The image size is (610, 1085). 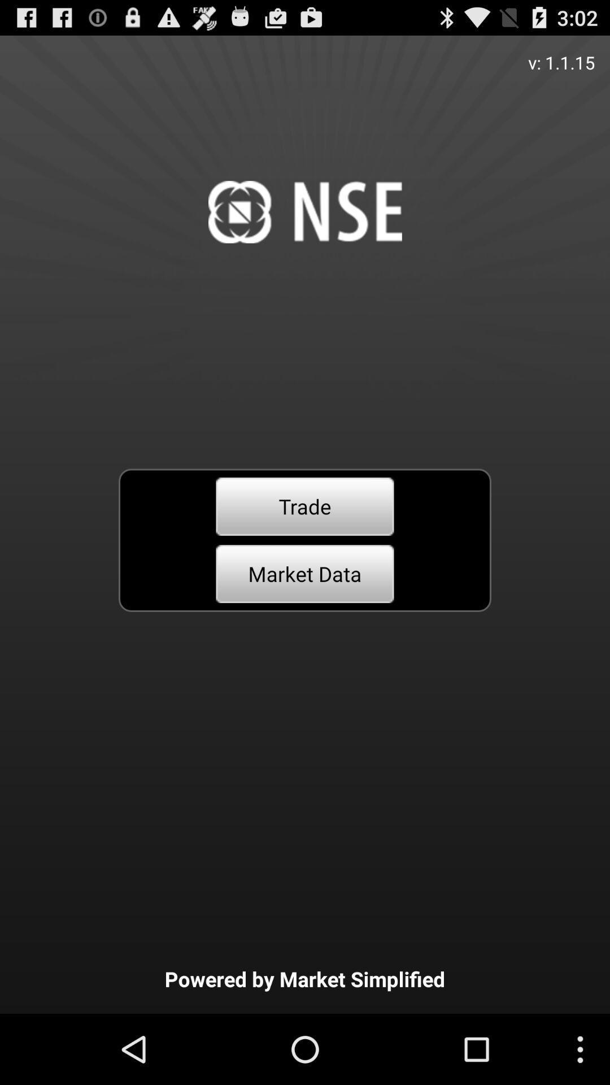 I want to click on the button below trade icon, so click(x=305, y=574).